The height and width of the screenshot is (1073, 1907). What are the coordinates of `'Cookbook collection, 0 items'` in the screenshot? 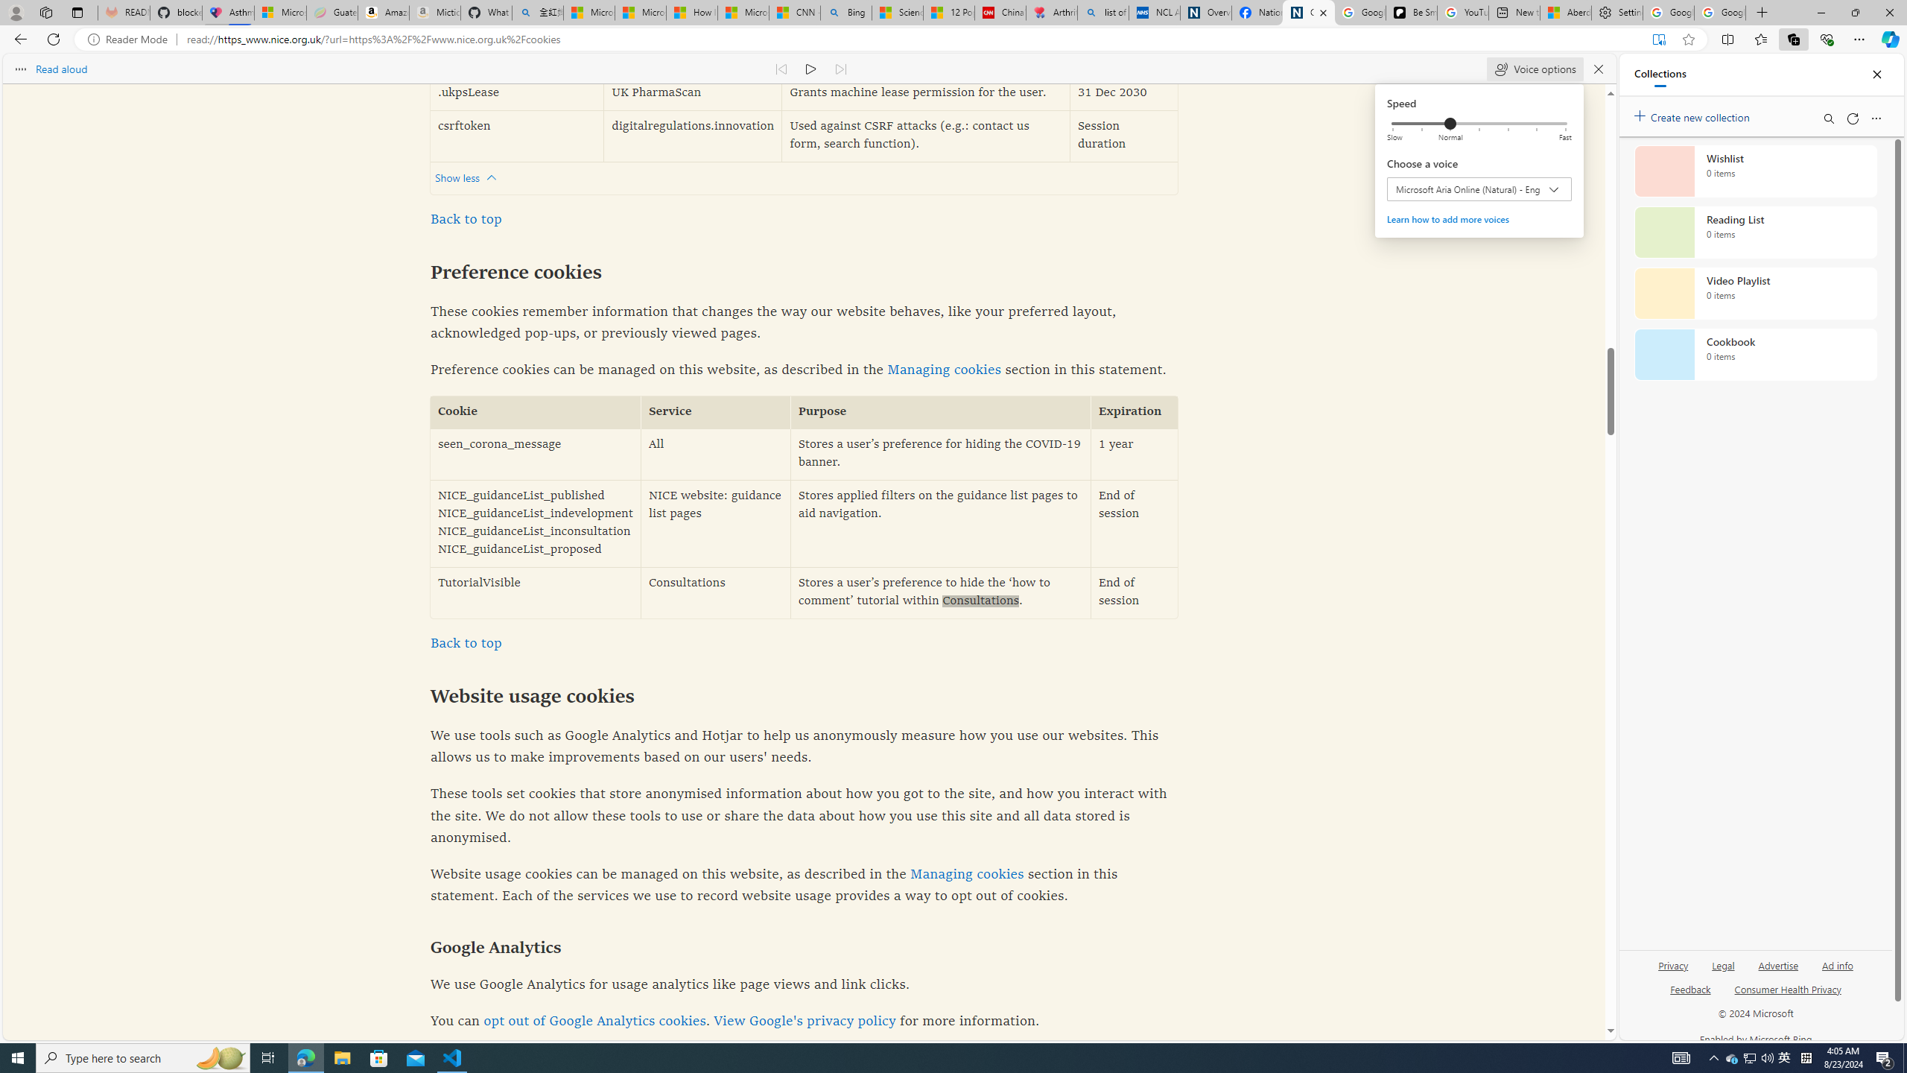 It's located at (1755, 353).